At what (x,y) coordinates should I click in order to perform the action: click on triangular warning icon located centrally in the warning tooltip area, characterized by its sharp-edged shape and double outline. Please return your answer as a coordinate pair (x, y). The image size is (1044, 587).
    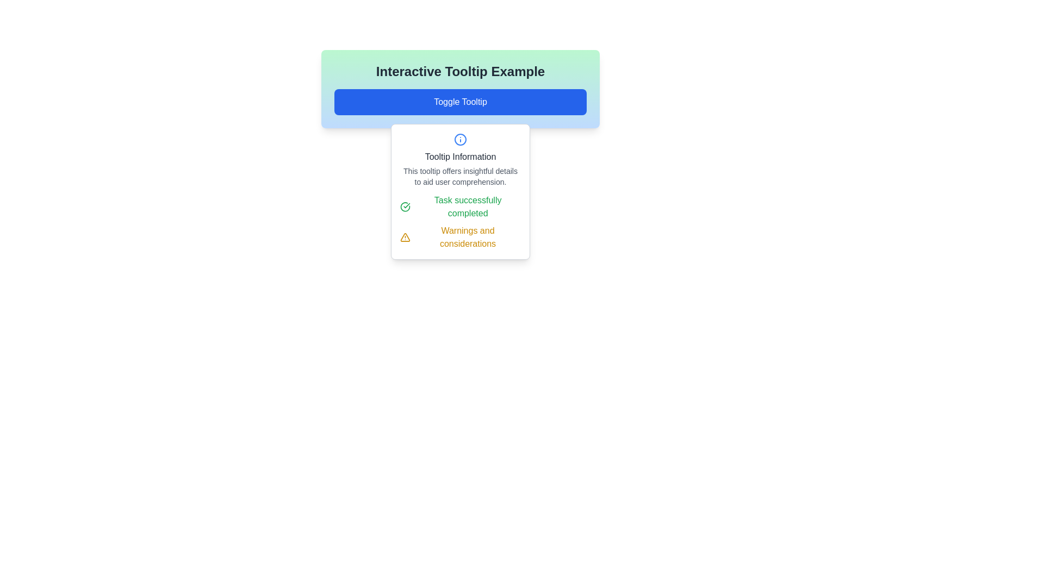
    Looking at the image, I should click on (405, 236).